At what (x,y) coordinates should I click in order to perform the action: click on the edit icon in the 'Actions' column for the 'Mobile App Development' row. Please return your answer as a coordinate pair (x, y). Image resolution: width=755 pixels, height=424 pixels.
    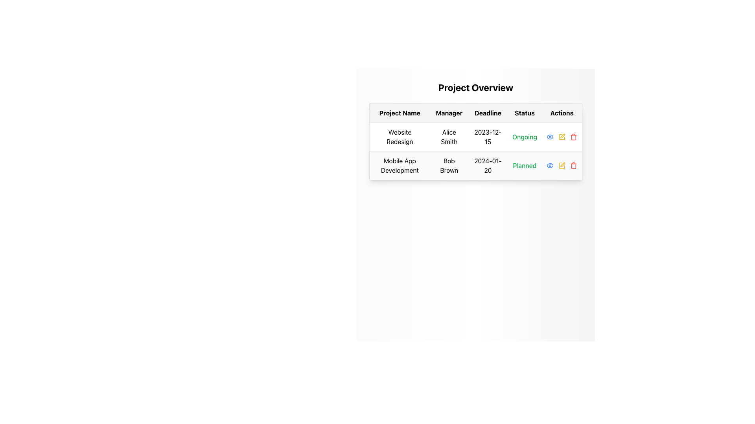
    Looking at the image, I should click on (562, 165).